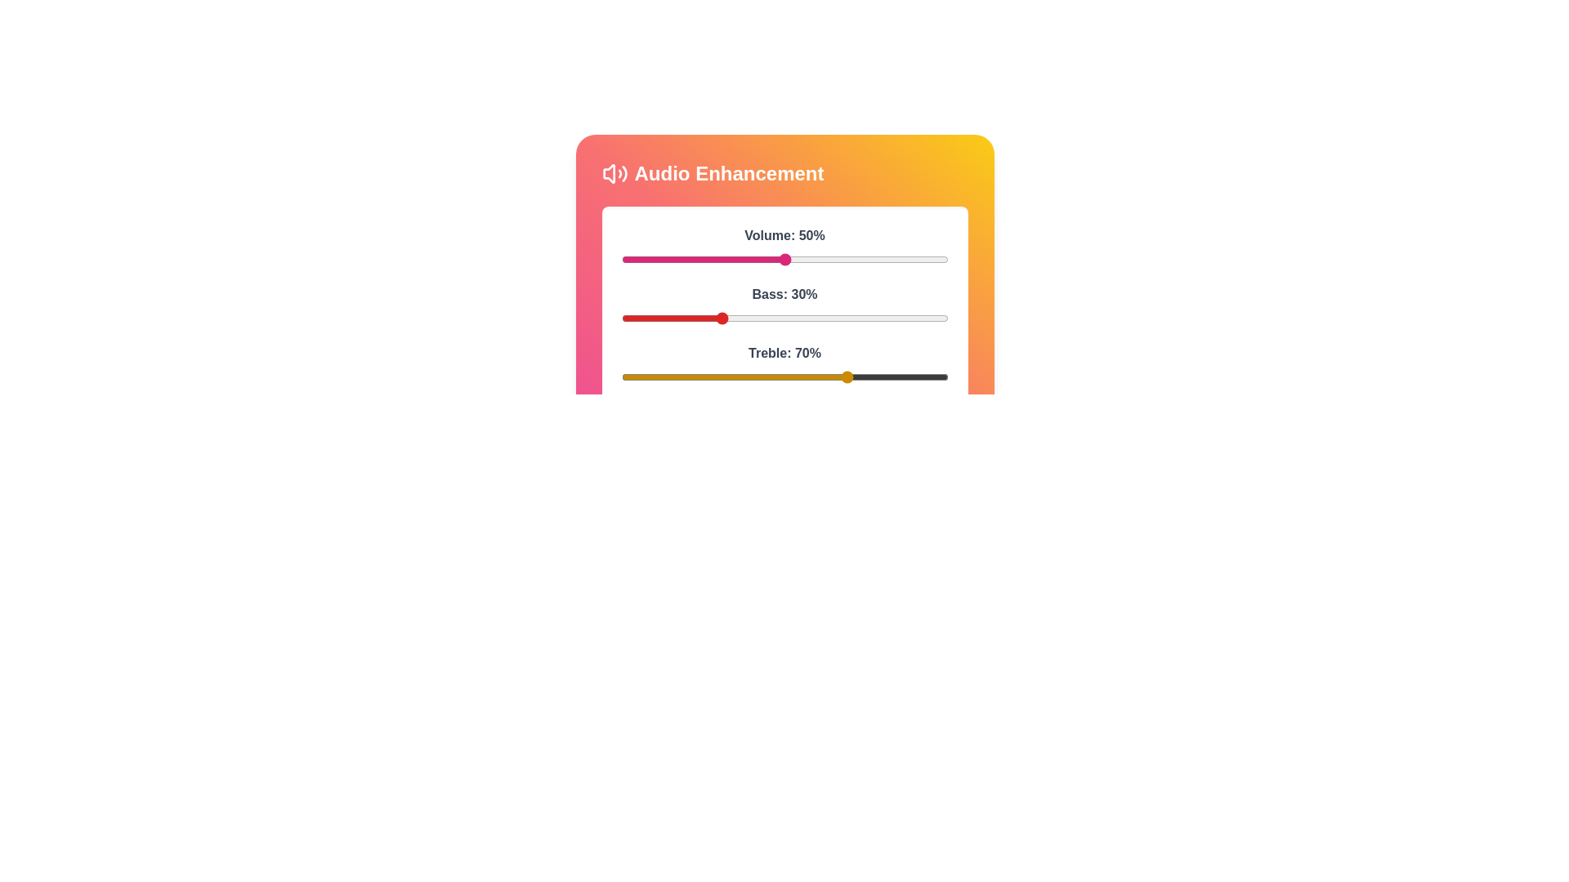 Image resolution: width=1569 pixels, height=882 pixels. Describe the element at coordinates (784, 295) in the screenshot. I see `the text label displaying 'Bass: 30%', which is styled in bold gray font and positioned above the red slider in the audio enhancement interface` at that location.